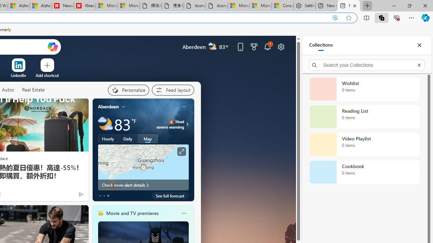 Image resolution: width=433 pixels, height=243 pixels. What do you see at coordinates (104, 195) in the screenshot?
I see `'tab-1'` at bounding box center [104, 195].